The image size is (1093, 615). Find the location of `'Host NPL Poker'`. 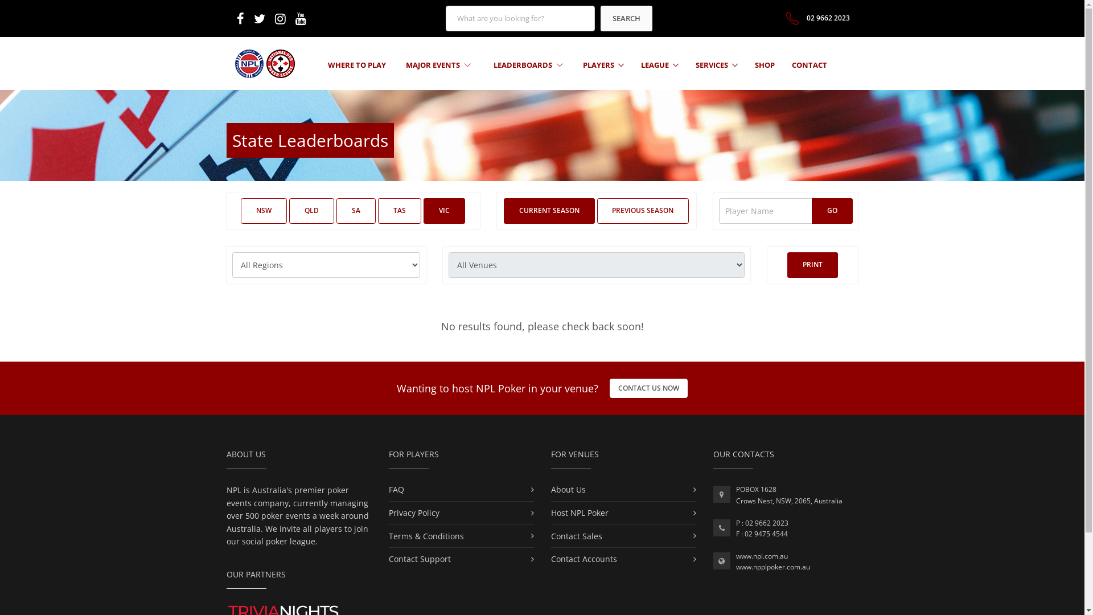

'Host NPL Poker' is located at coordinates (580, 512).